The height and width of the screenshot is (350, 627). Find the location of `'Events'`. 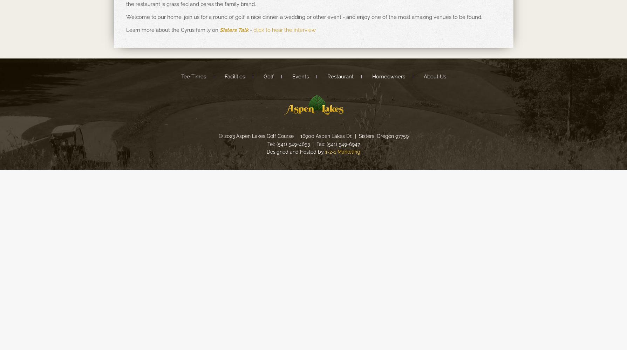

'Events' is located at coordinates (292, 76).